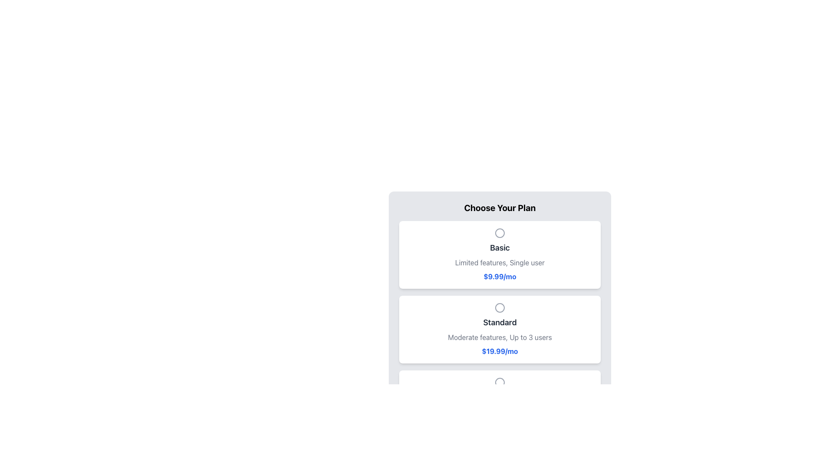  What do you see at coordinates (500, 404) in the screenshot?
I see `the 'Premium' pricing plan card, which is the third card in a vertical column, to perform additional actions` at bounding box center [500, 404].